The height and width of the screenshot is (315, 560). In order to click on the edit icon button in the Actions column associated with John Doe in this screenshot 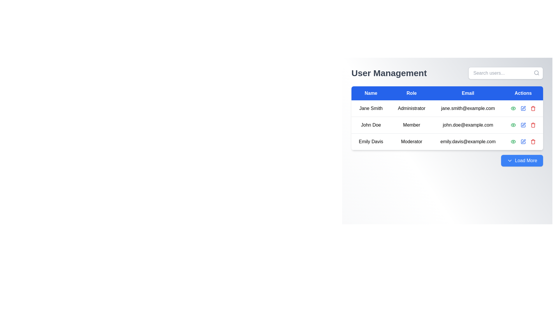, I will do `click(524, 108)`.